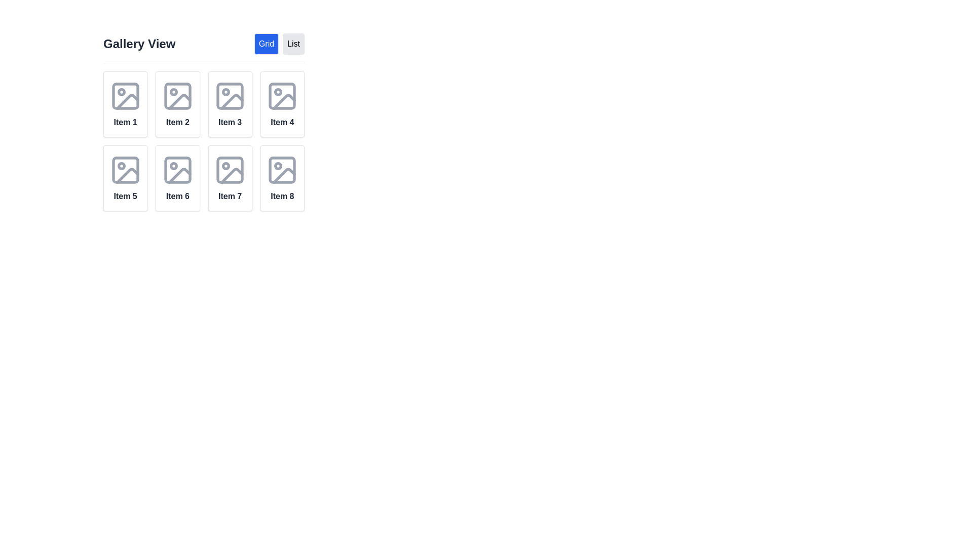 Image resolution: width=973 pixels, height=547 pixels. Describe the element at coordinates (282, 177) in the screenshot. I see `the card component with a white background, rounded corners, shadow effect, and the text 'Item 8' in bold font, located in the bottom-right corner of the grid` at that location.